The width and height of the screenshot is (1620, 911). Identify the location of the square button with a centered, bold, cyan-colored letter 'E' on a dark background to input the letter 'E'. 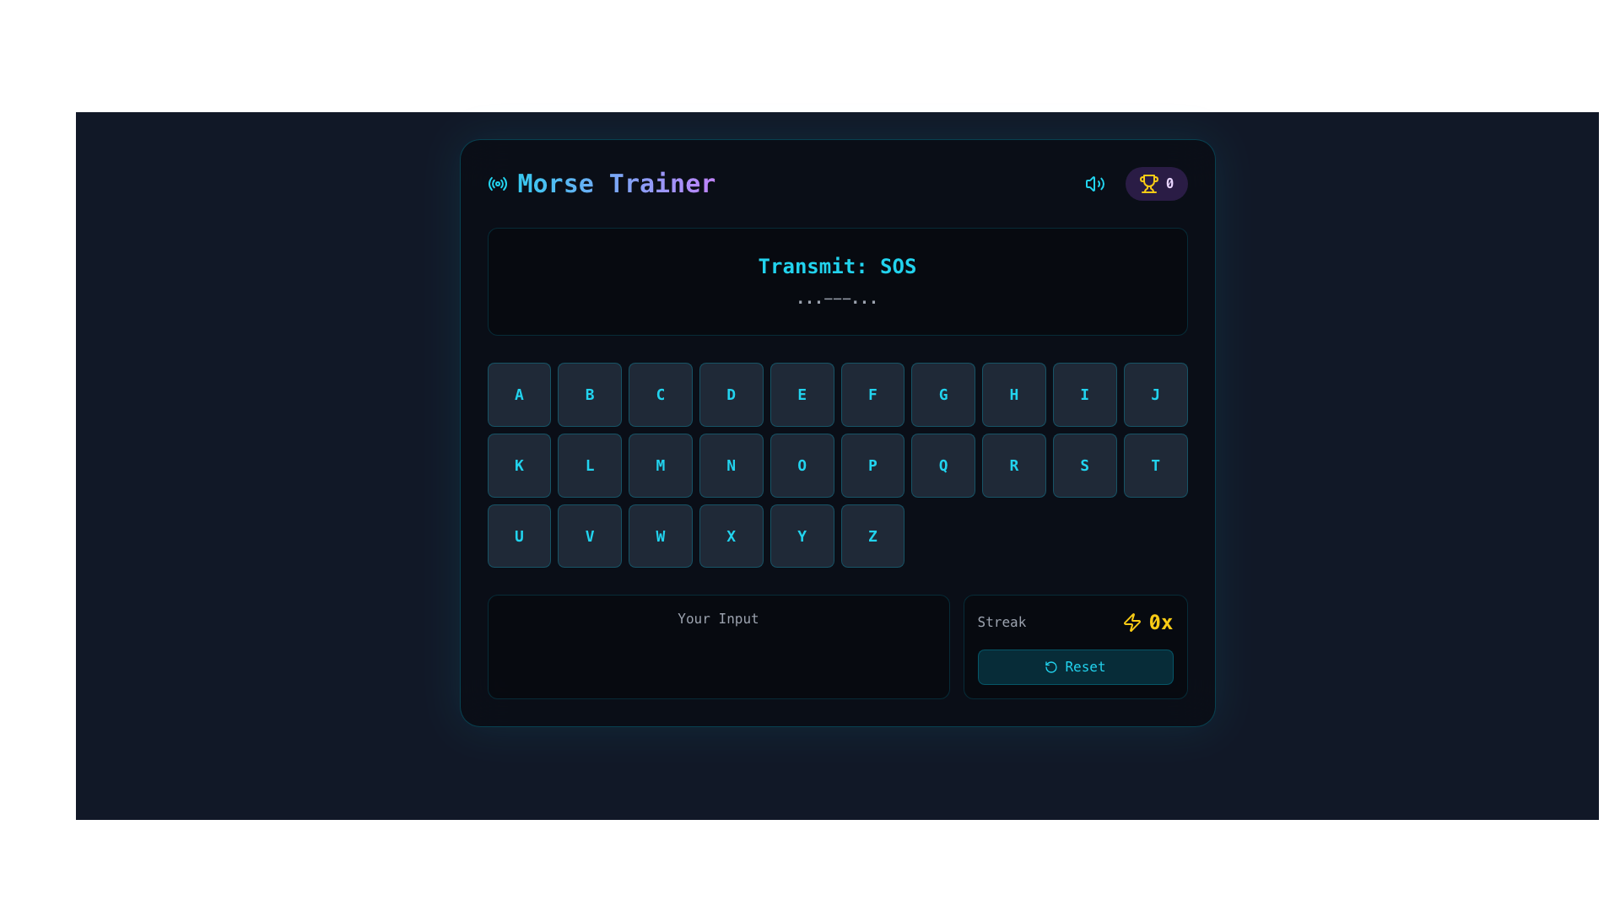
(801, 394).